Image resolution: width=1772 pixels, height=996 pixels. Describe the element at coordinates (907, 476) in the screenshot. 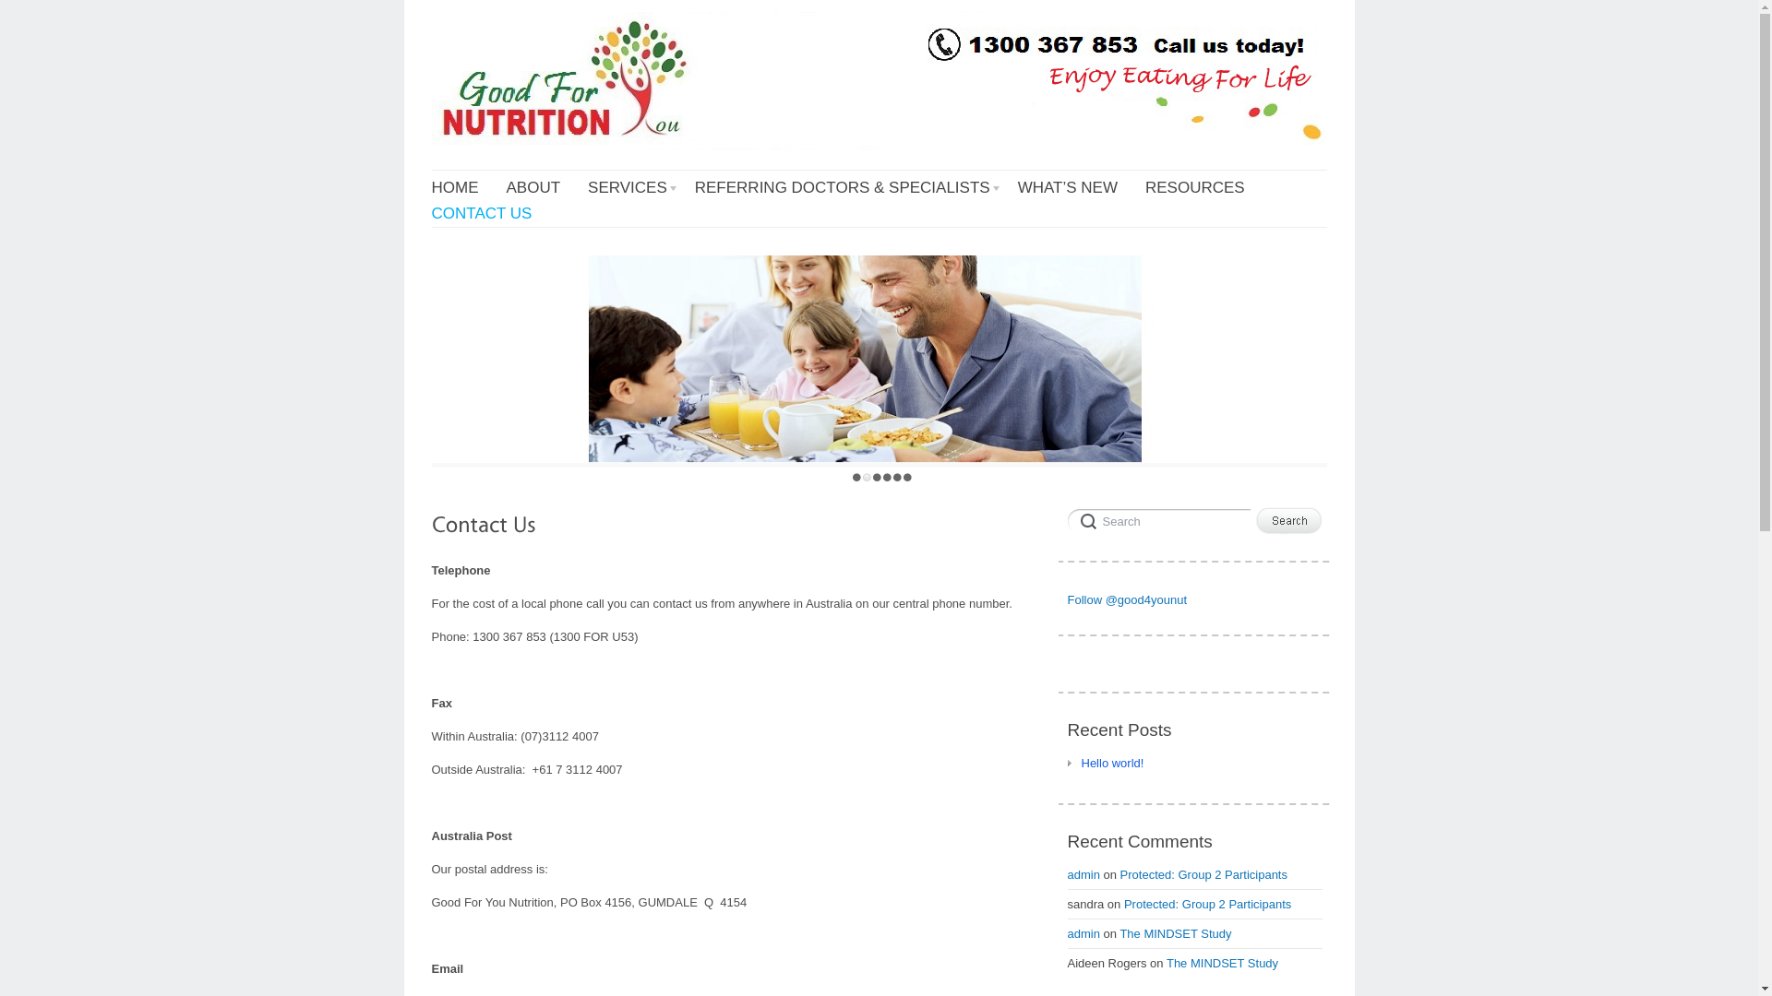

I see `'6'` at that location.